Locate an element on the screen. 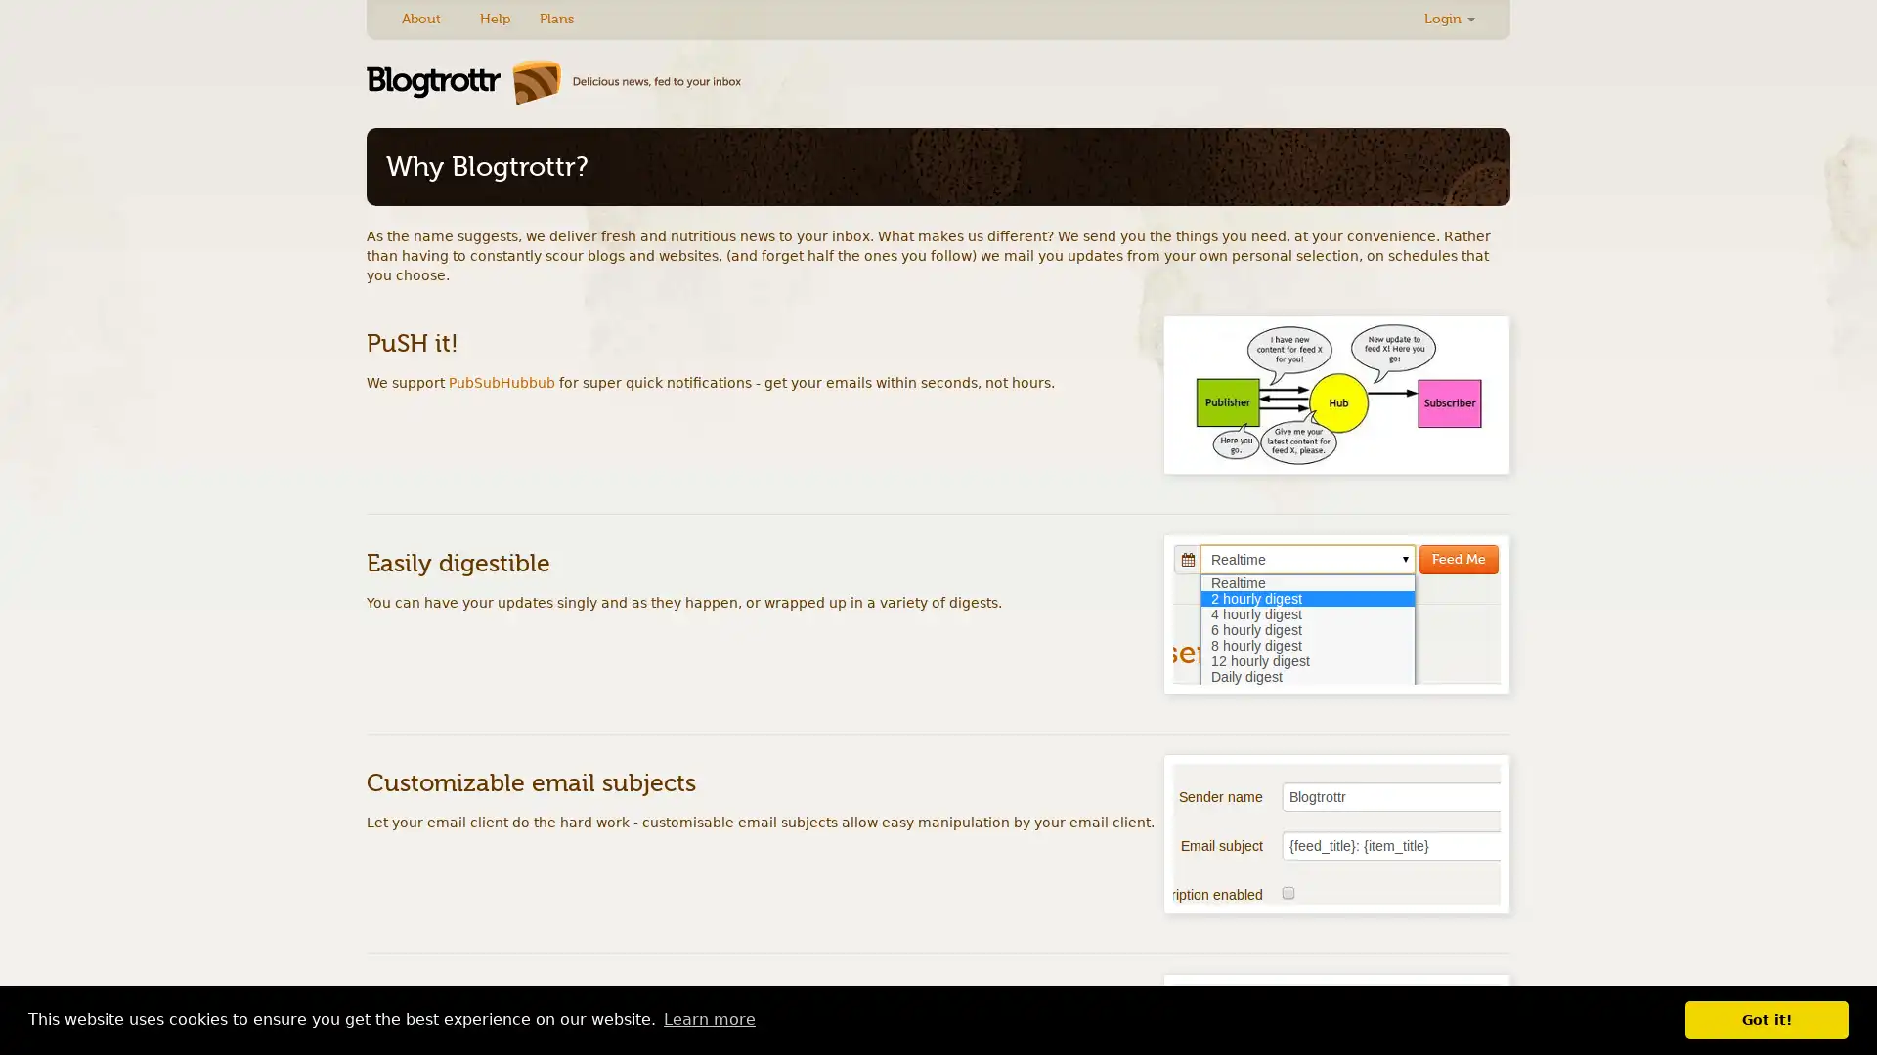 The image size is (1877, 1055). dismiss cookie message is located at coordinates (1767, 1019).